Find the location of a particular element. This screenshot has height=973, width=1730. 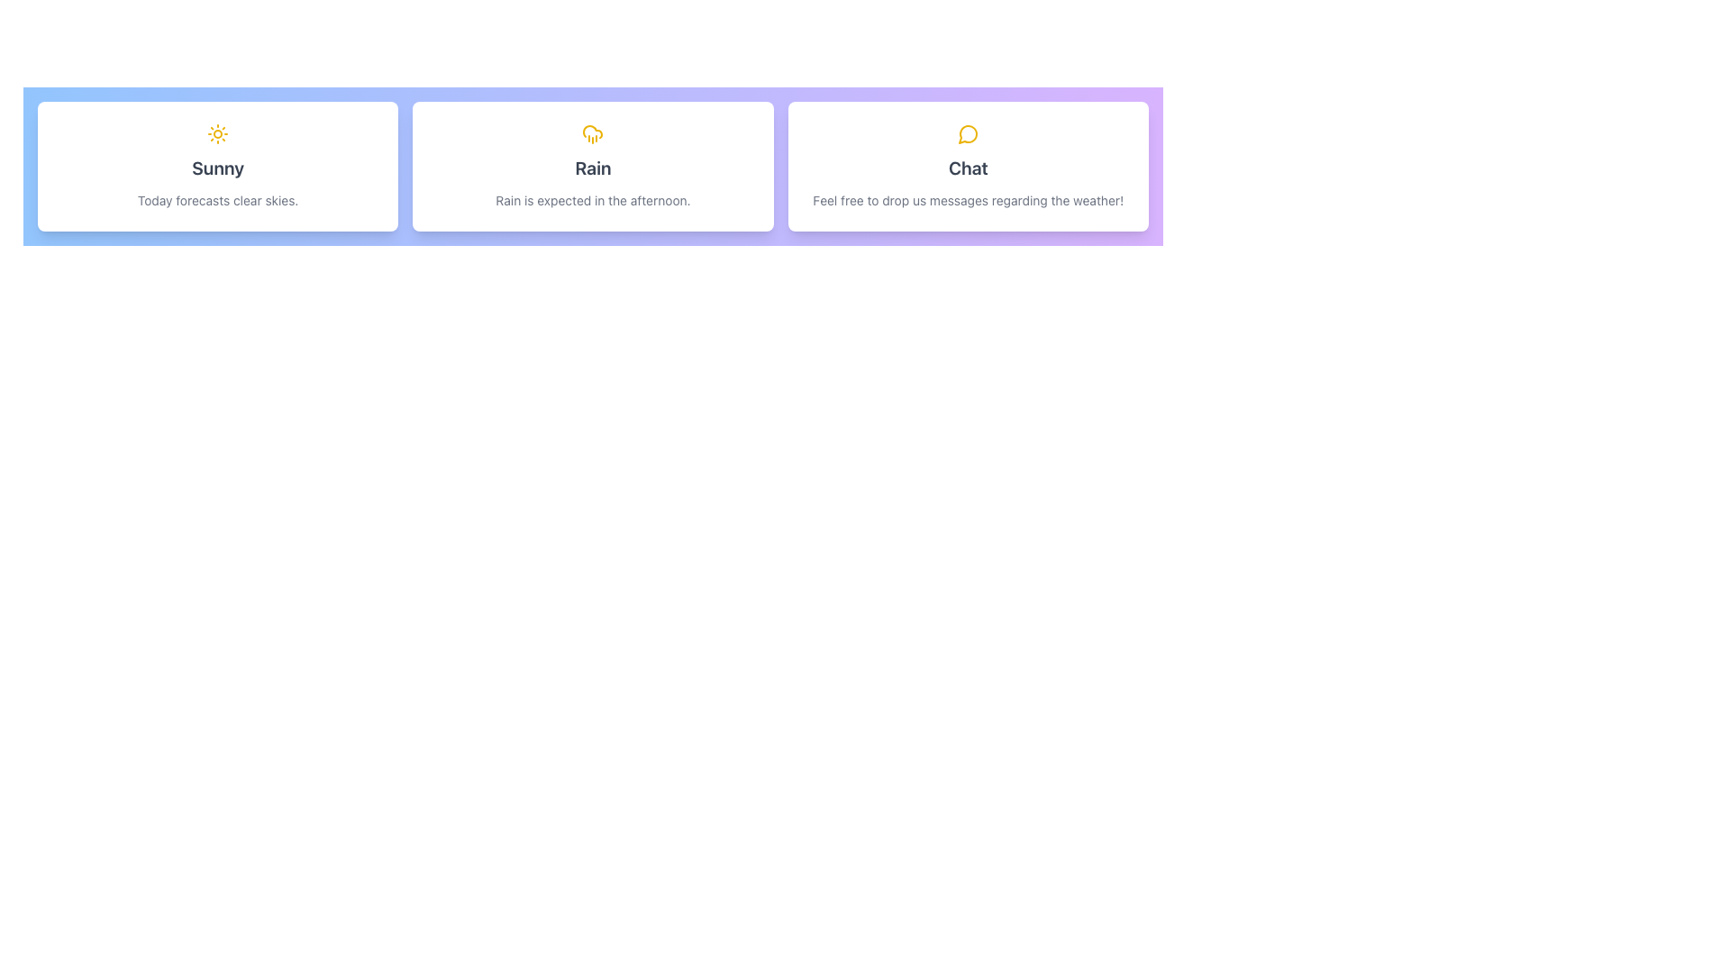

text label that reads 'Feel free to drop us messages regarding the weather!' located at the bottom of the 'Chat' card is located at coordinates (967, 201).